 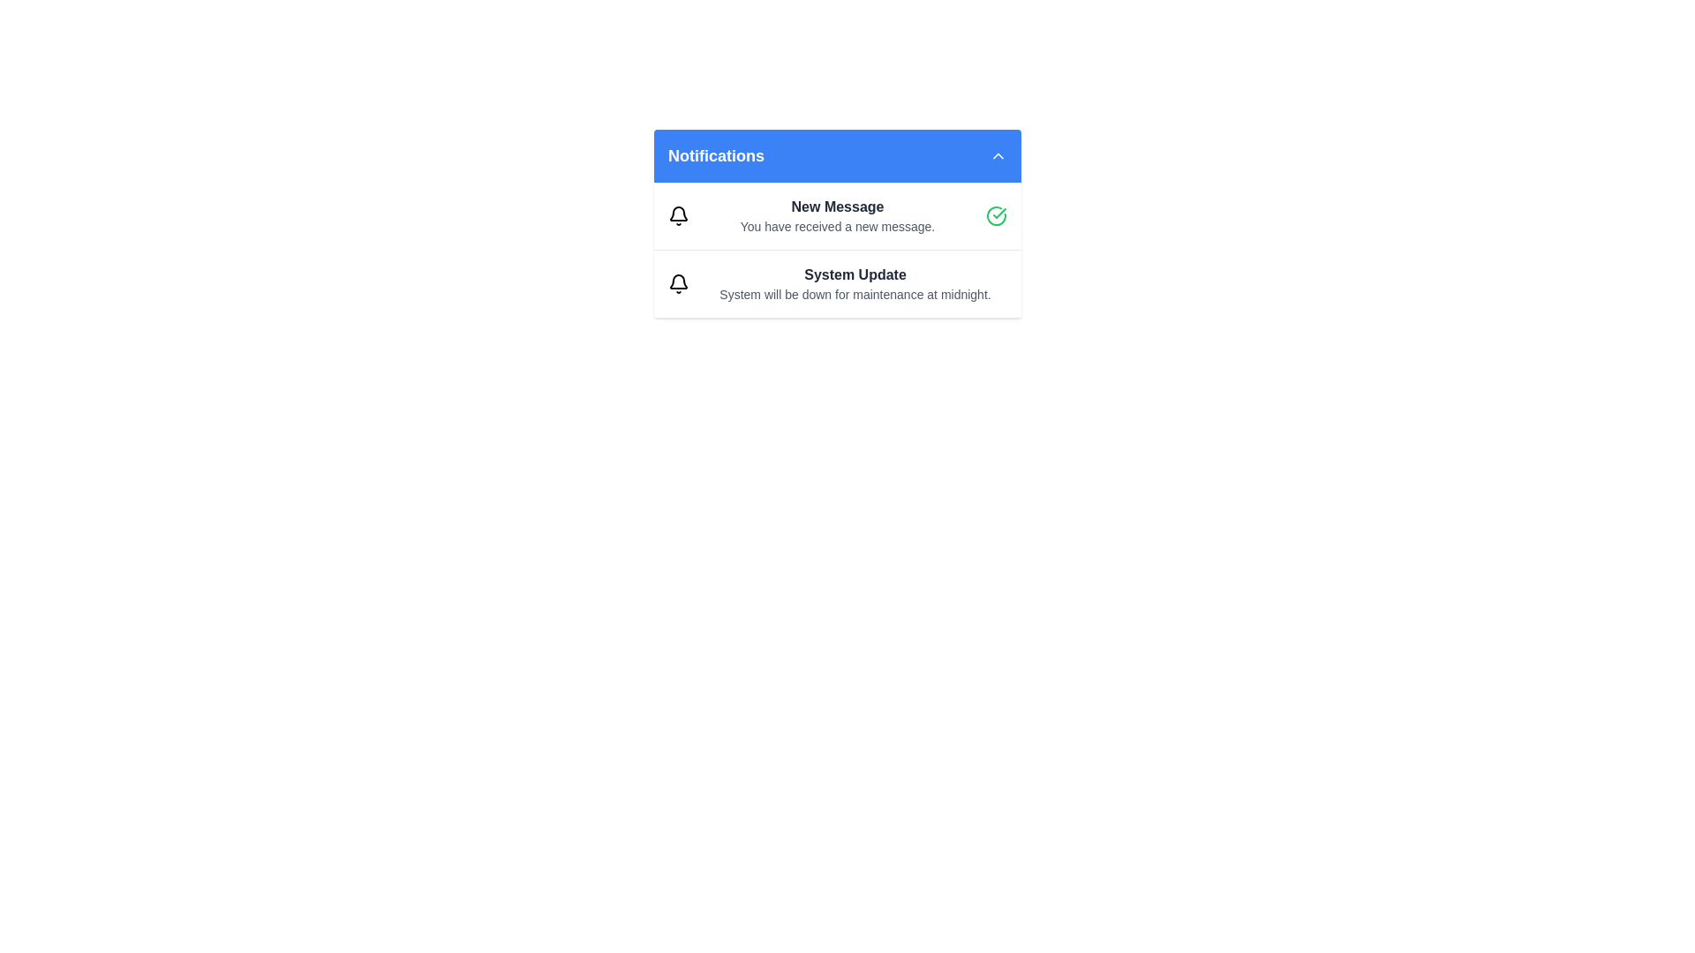 What do you see at coordinates (996, 215) in the screenshot?
I see `the status icon indicating a successful 'New Message' notification, located adjacent to the 'New Message' label in the notifications panel` at bounding box center [996, 215].